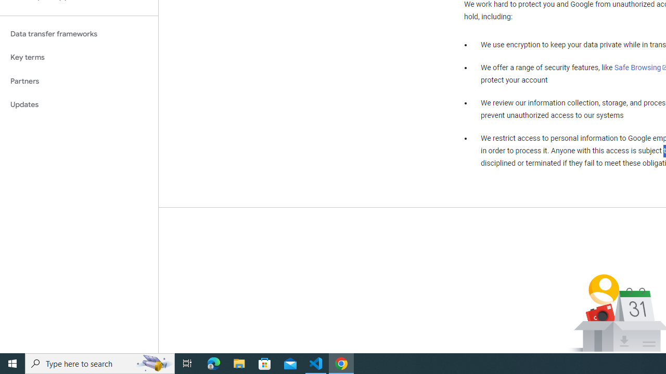 The height and width of the screenshot is (374, 666). I want to click on 'Updates', so click(79, 104).